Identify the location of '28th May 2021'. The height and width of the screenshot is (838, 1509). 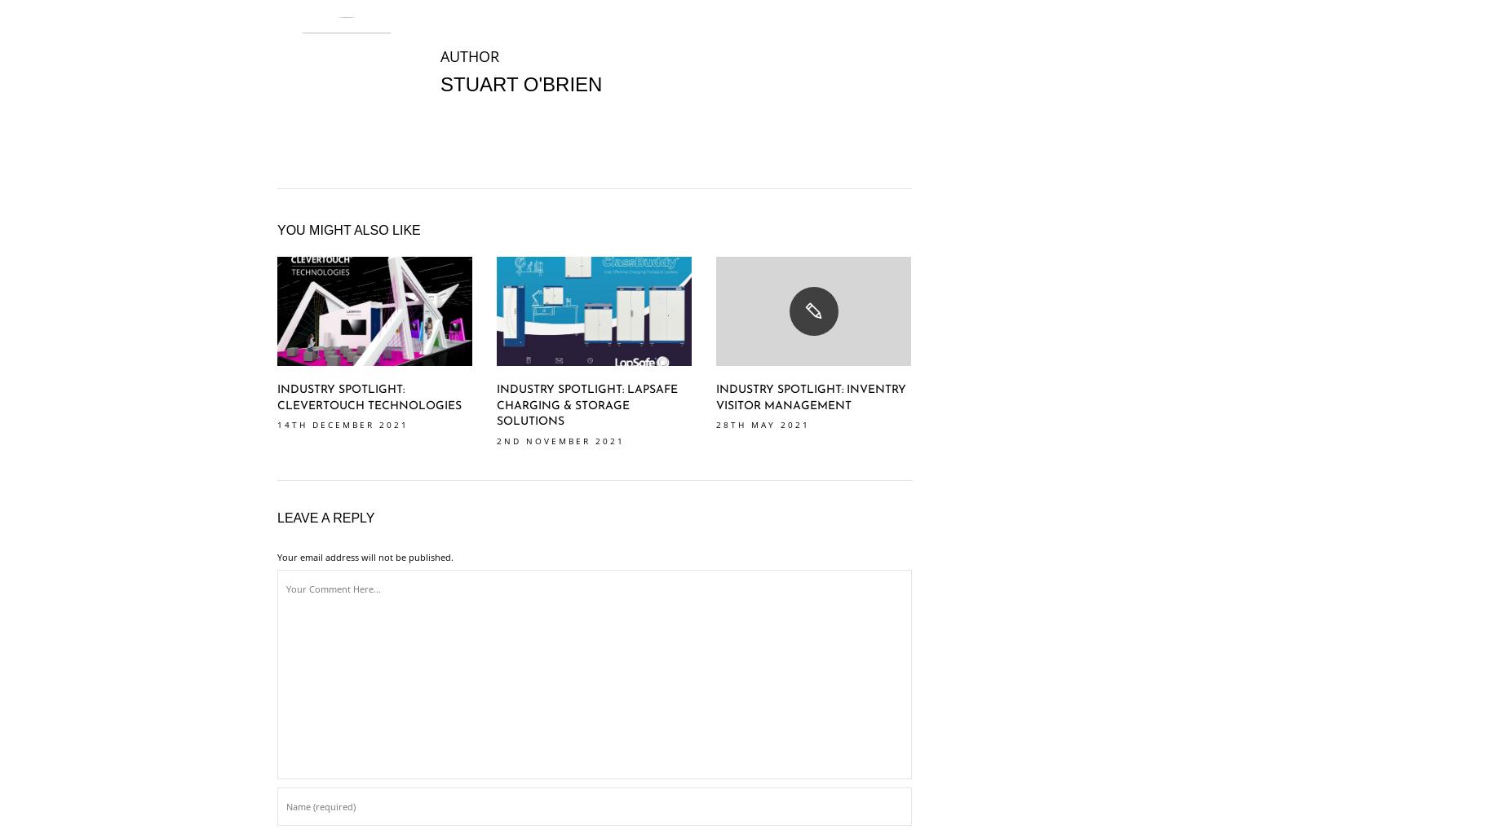
(716, 424).